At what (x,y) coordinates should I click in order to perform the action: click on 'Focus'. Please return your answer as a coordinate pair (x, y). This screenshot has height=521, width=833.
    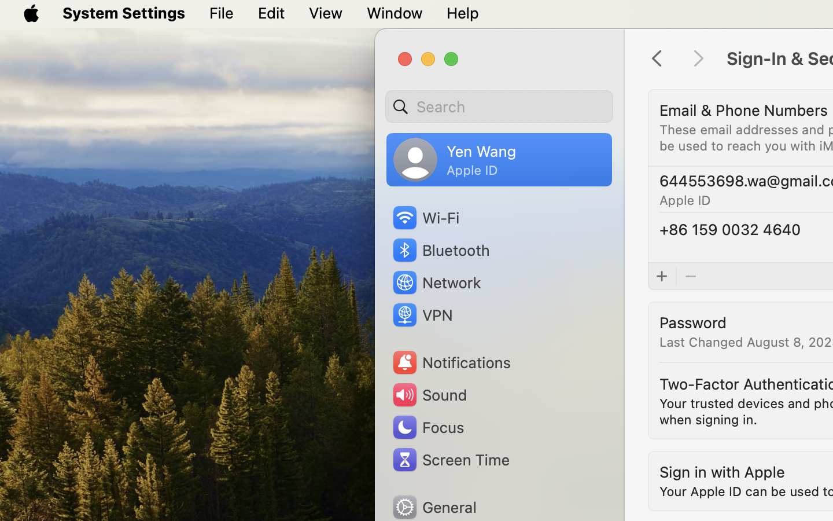
    Looking at the image, I should click on (427, 427).